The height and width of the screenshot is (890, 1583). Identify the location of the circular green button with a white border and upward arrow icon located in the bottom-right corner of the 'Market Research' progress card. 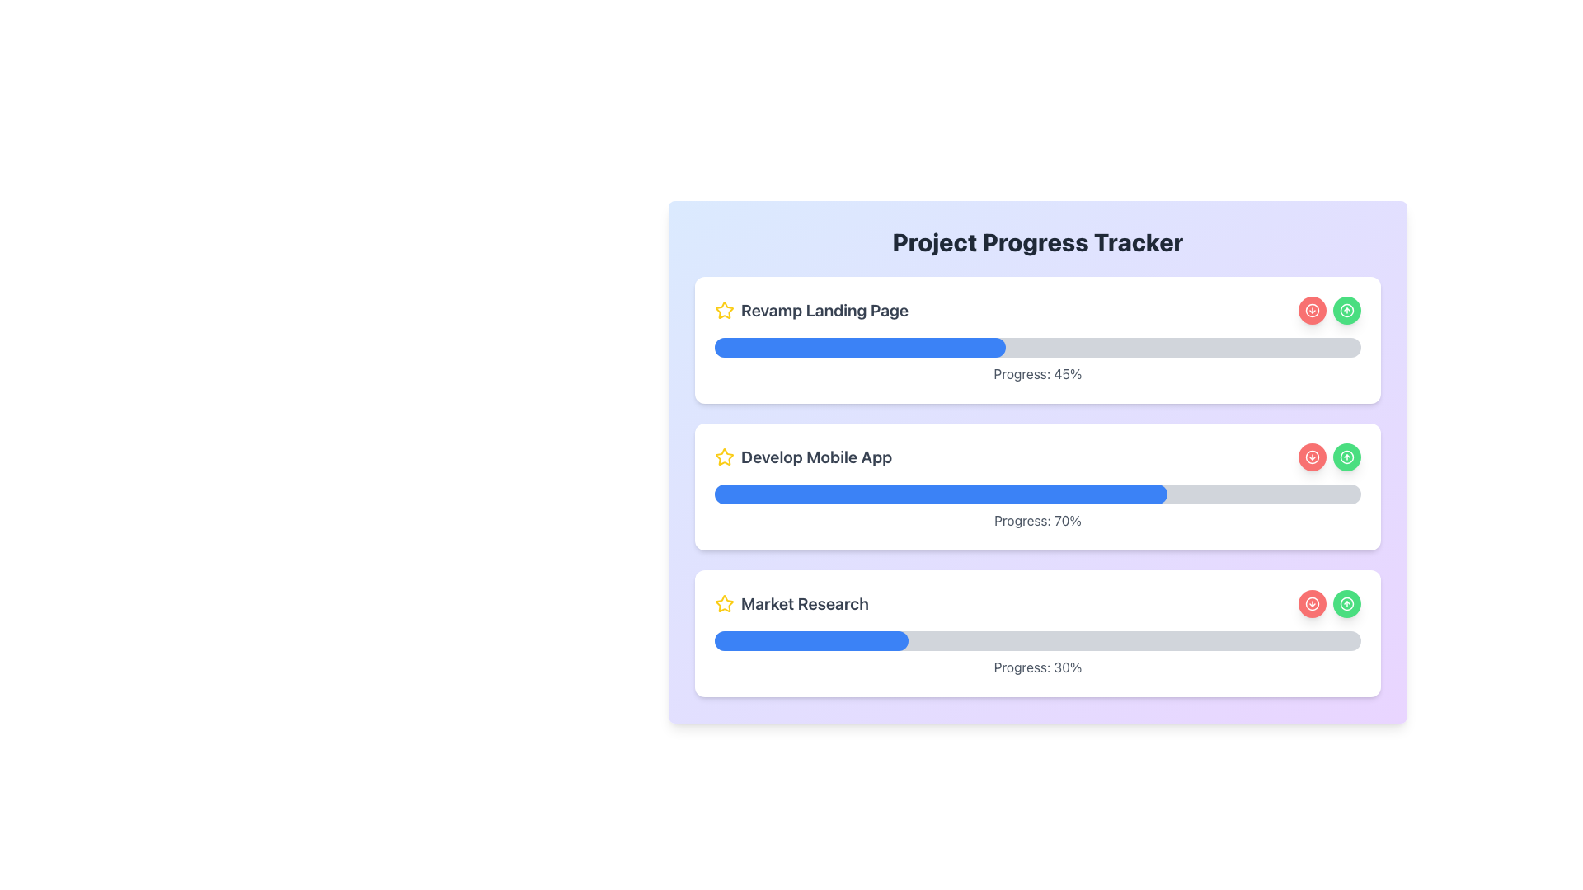
(1346, 603).